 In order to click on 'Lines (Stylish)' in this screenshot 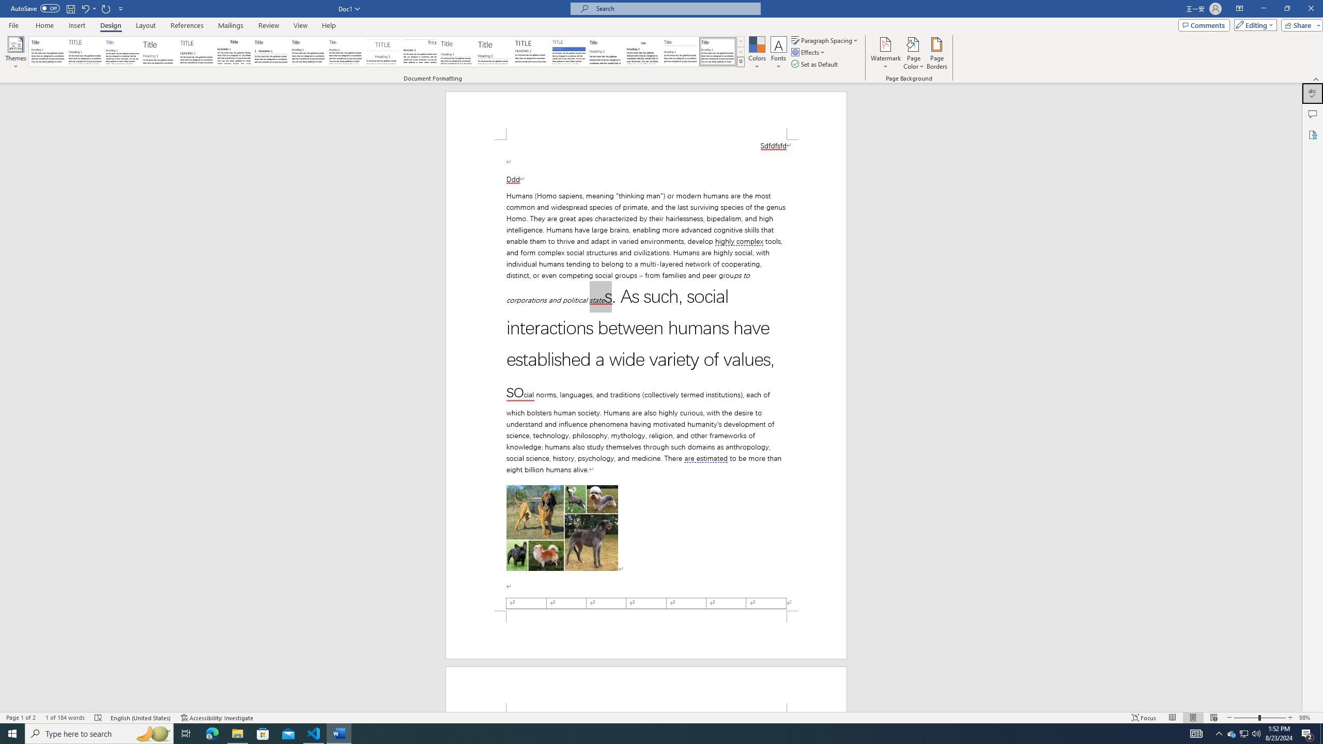, I will do `click(495, 51)`.